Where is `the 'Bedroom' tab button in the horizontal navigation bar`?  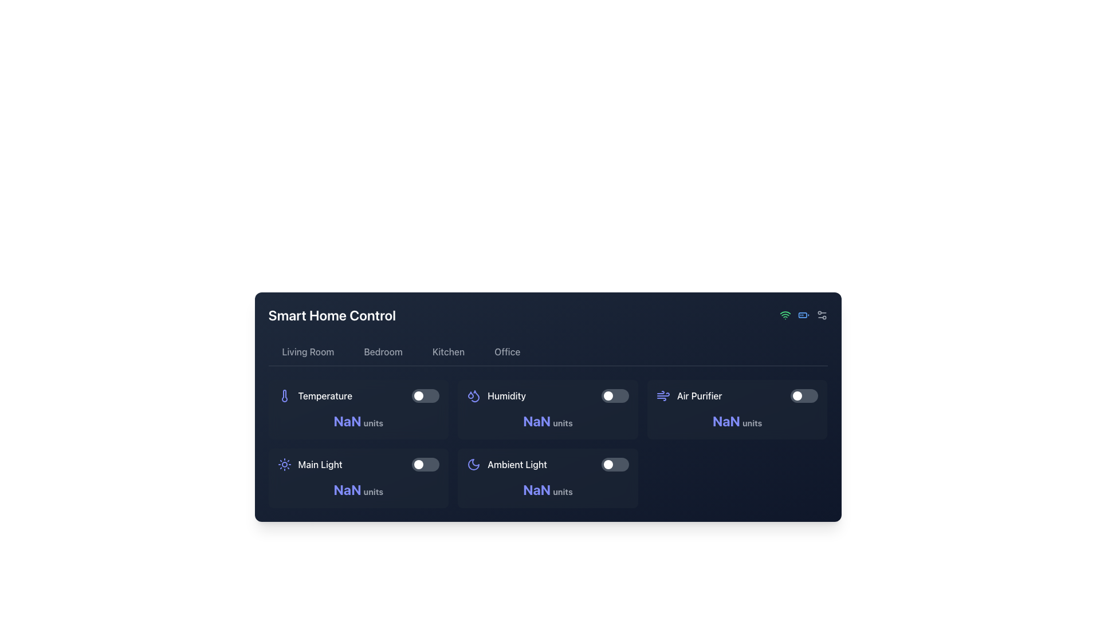 the 'Bedroom' tab button in the horizontal navigation bar is located at coordinates (383, 351).